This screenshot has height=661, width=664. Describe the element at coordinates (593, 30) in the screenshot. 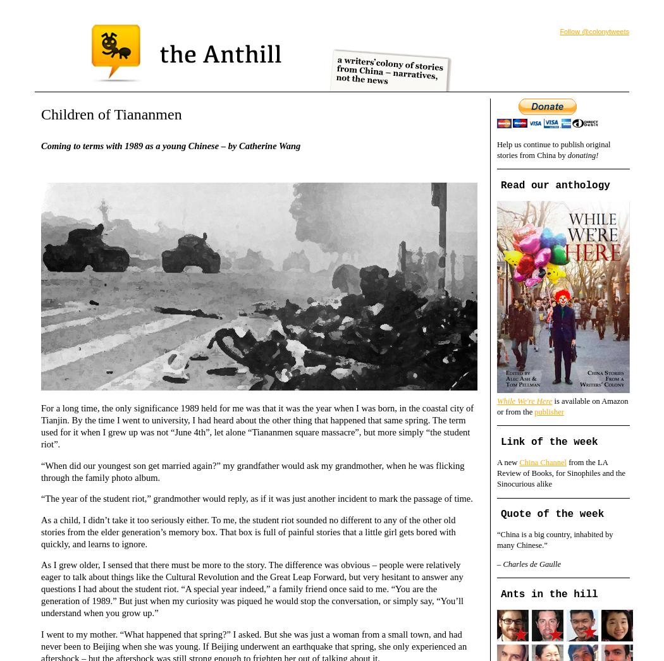

I see `'Follow @colonytweets'` at that location.